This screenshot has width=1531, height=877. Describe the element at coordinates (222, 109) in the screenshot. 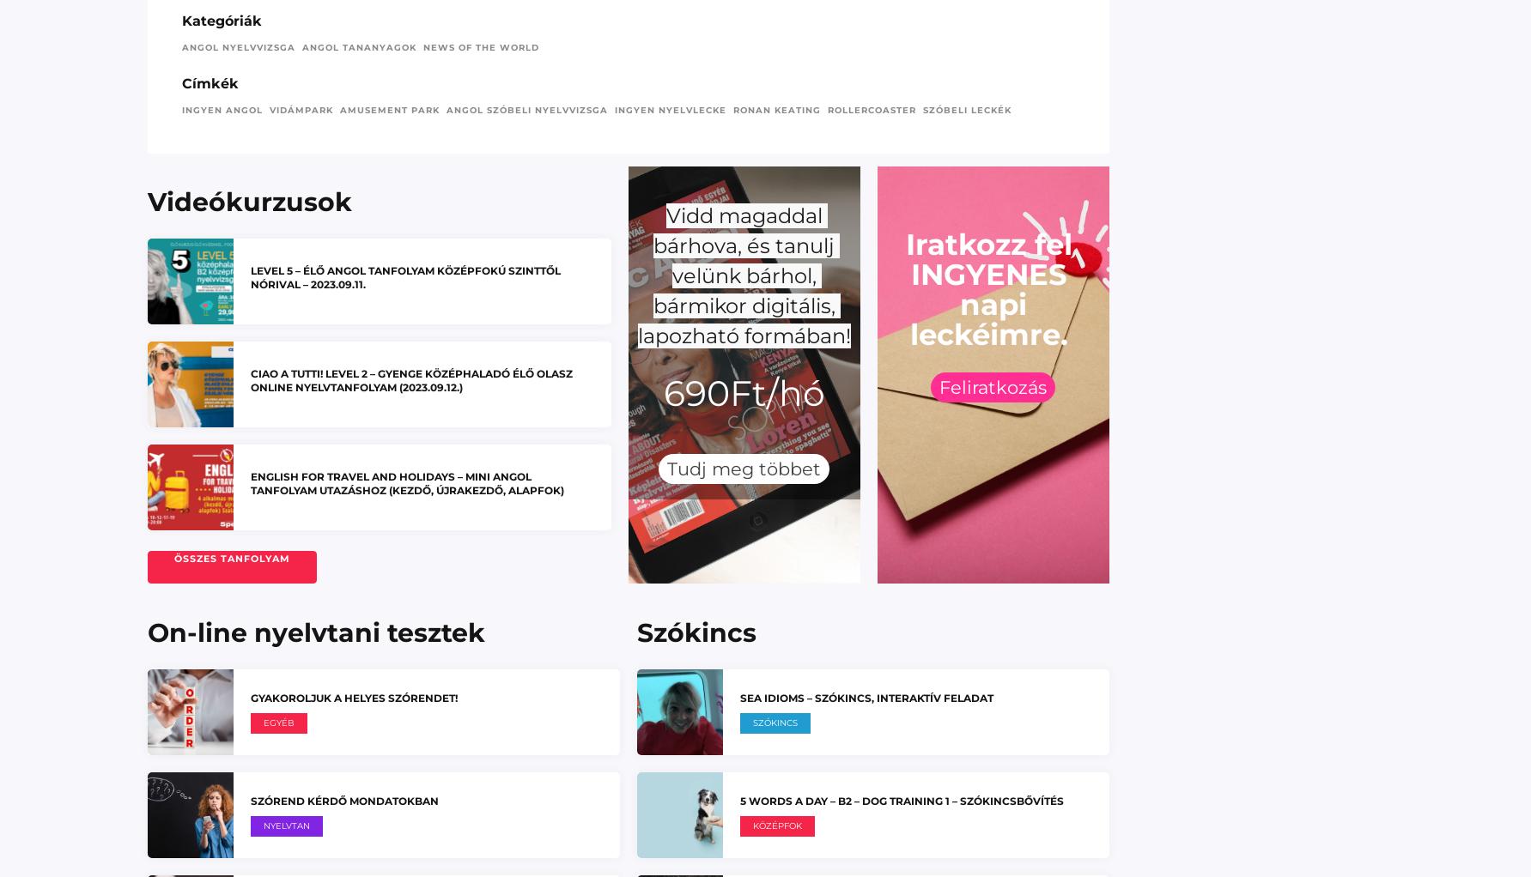

I see `'ingyen angol'` at that location.